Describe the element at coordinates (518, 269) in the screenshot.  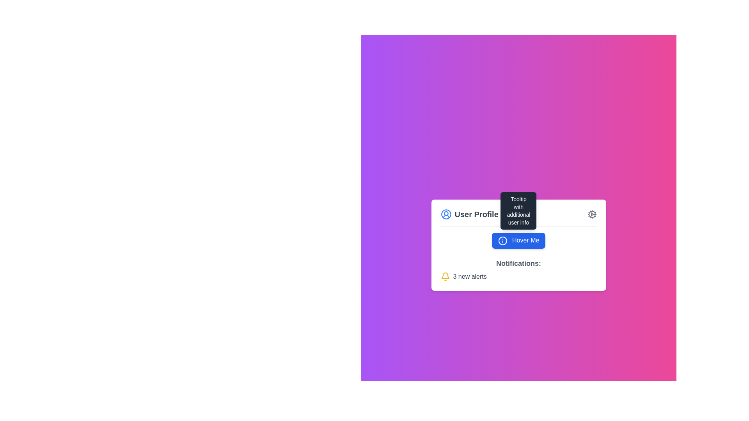
I see `notification details displayed in the composite text and icon-based informational display labeled 'Notifications:' located at the bottom of the interface` at that location.